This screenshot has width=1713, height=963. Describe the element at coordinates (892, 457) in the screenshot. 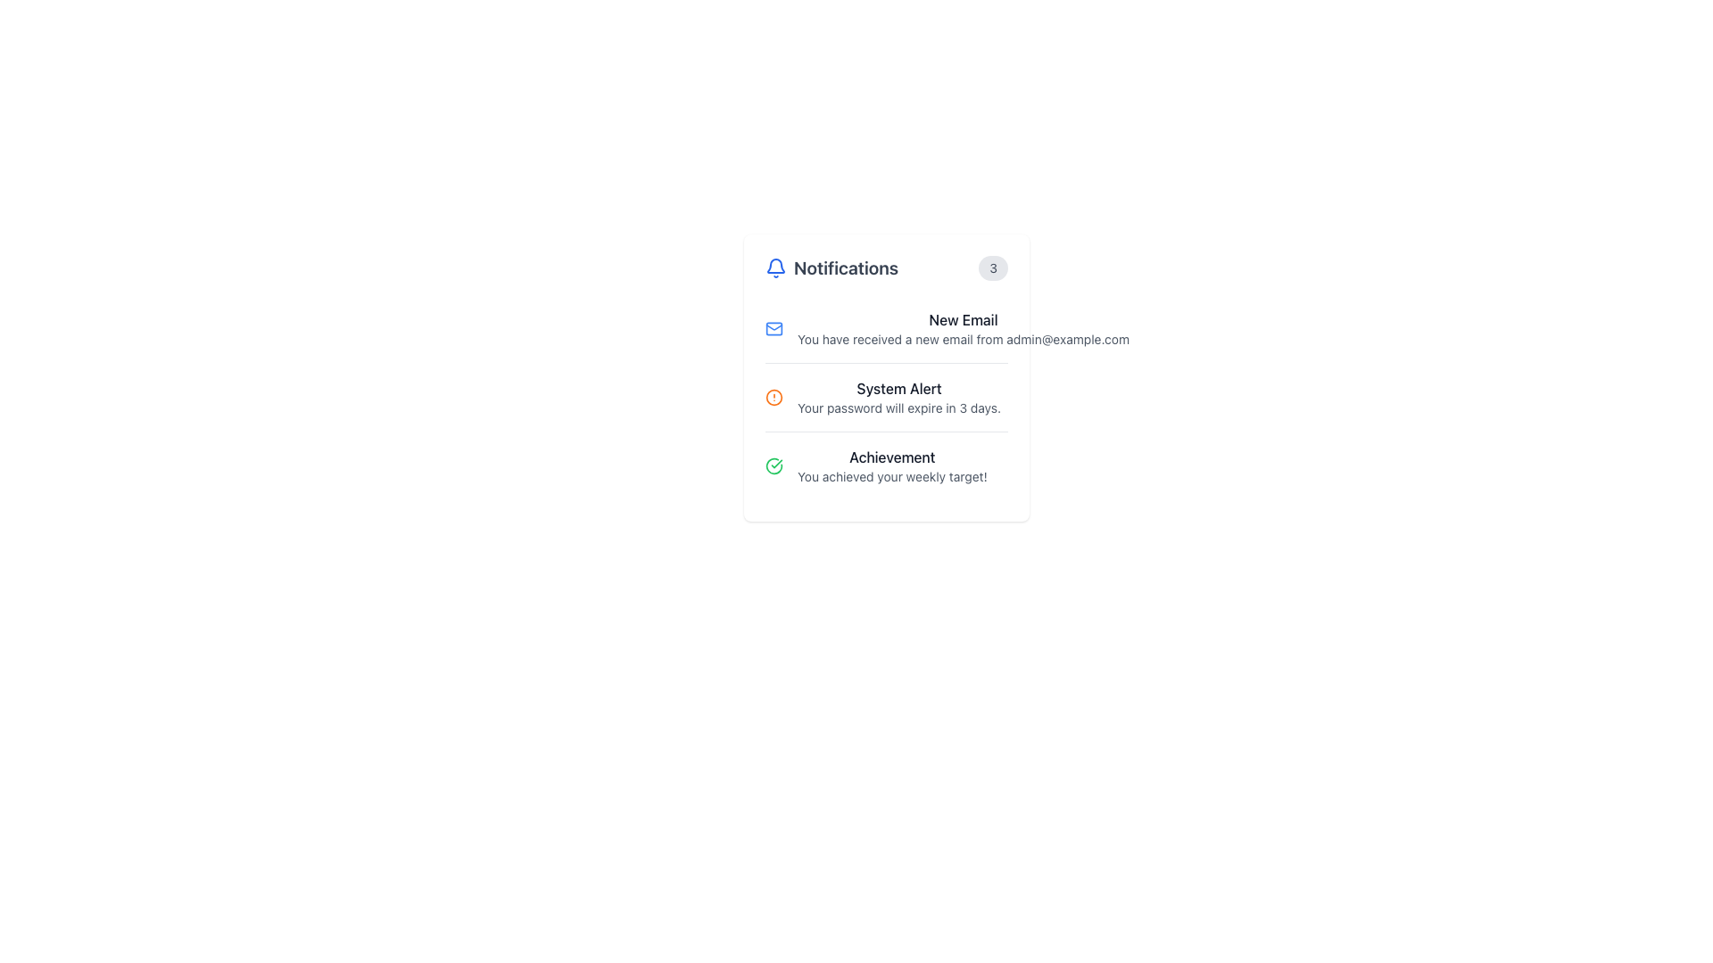

I see `text from the Text Label that serves as a title or descriptor for the notification, positioned above the message 'You achieved your weekly target!'` at that location.